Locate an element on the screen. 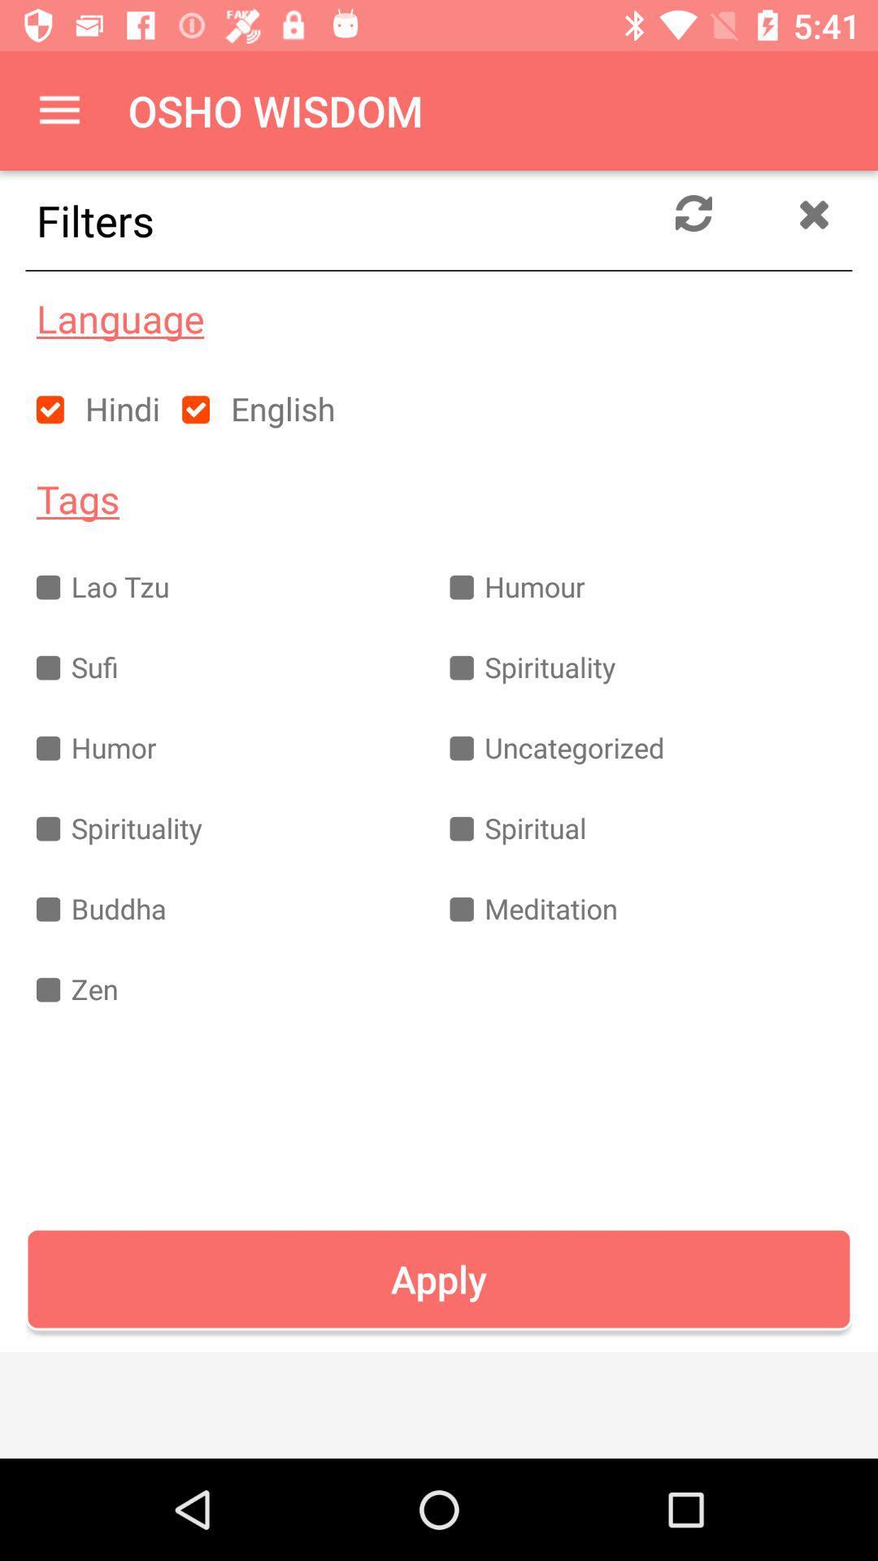  item to the left of osho wisdom item is located at coordinates (59, 110).